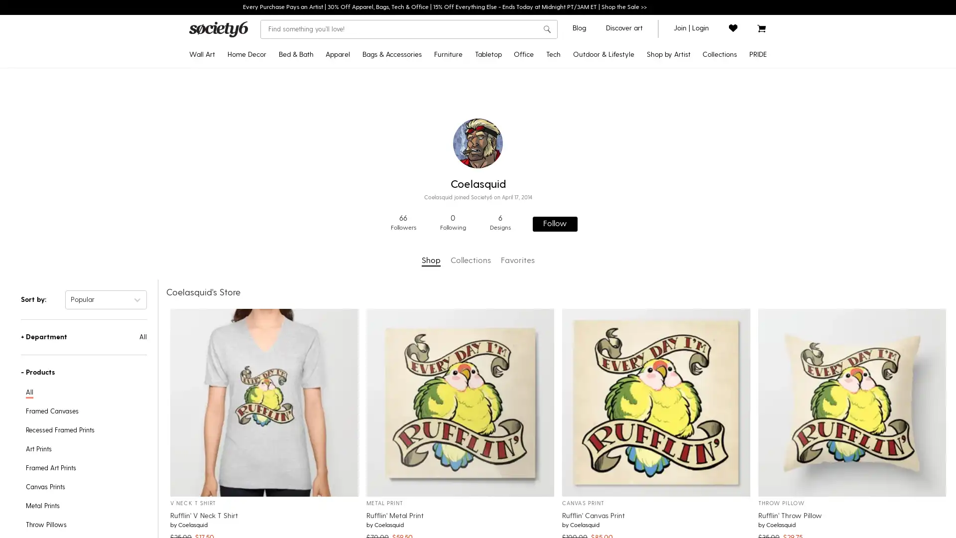  Describe the element at coordinates (265, 240) in the screenshot. I see `Wallpaper` at that location.